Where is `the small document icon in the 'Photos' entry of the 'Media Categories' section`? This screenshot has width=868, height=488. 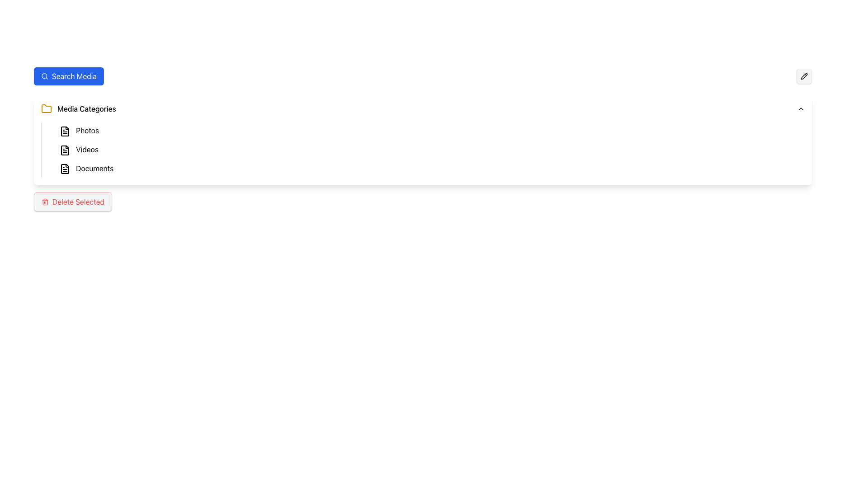 the small document icon in the 'Photos' entry of the 'Media Categories' section is located at coordinates (65, 131).